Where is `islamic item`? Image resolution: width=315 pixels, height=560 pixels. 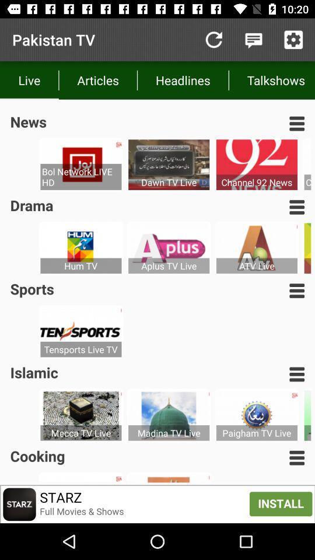
islamic item is located at coordinates (34, 372).